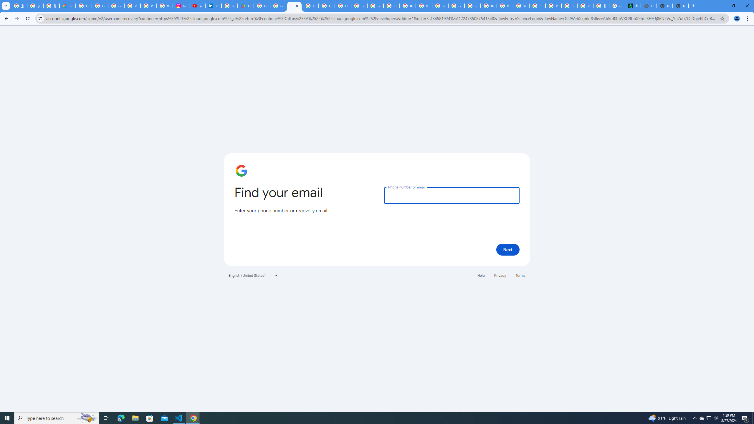  What do you see at coordinates (508, 249) in the screenshot?
I see `'Next'` at bounding box center [508, 249].